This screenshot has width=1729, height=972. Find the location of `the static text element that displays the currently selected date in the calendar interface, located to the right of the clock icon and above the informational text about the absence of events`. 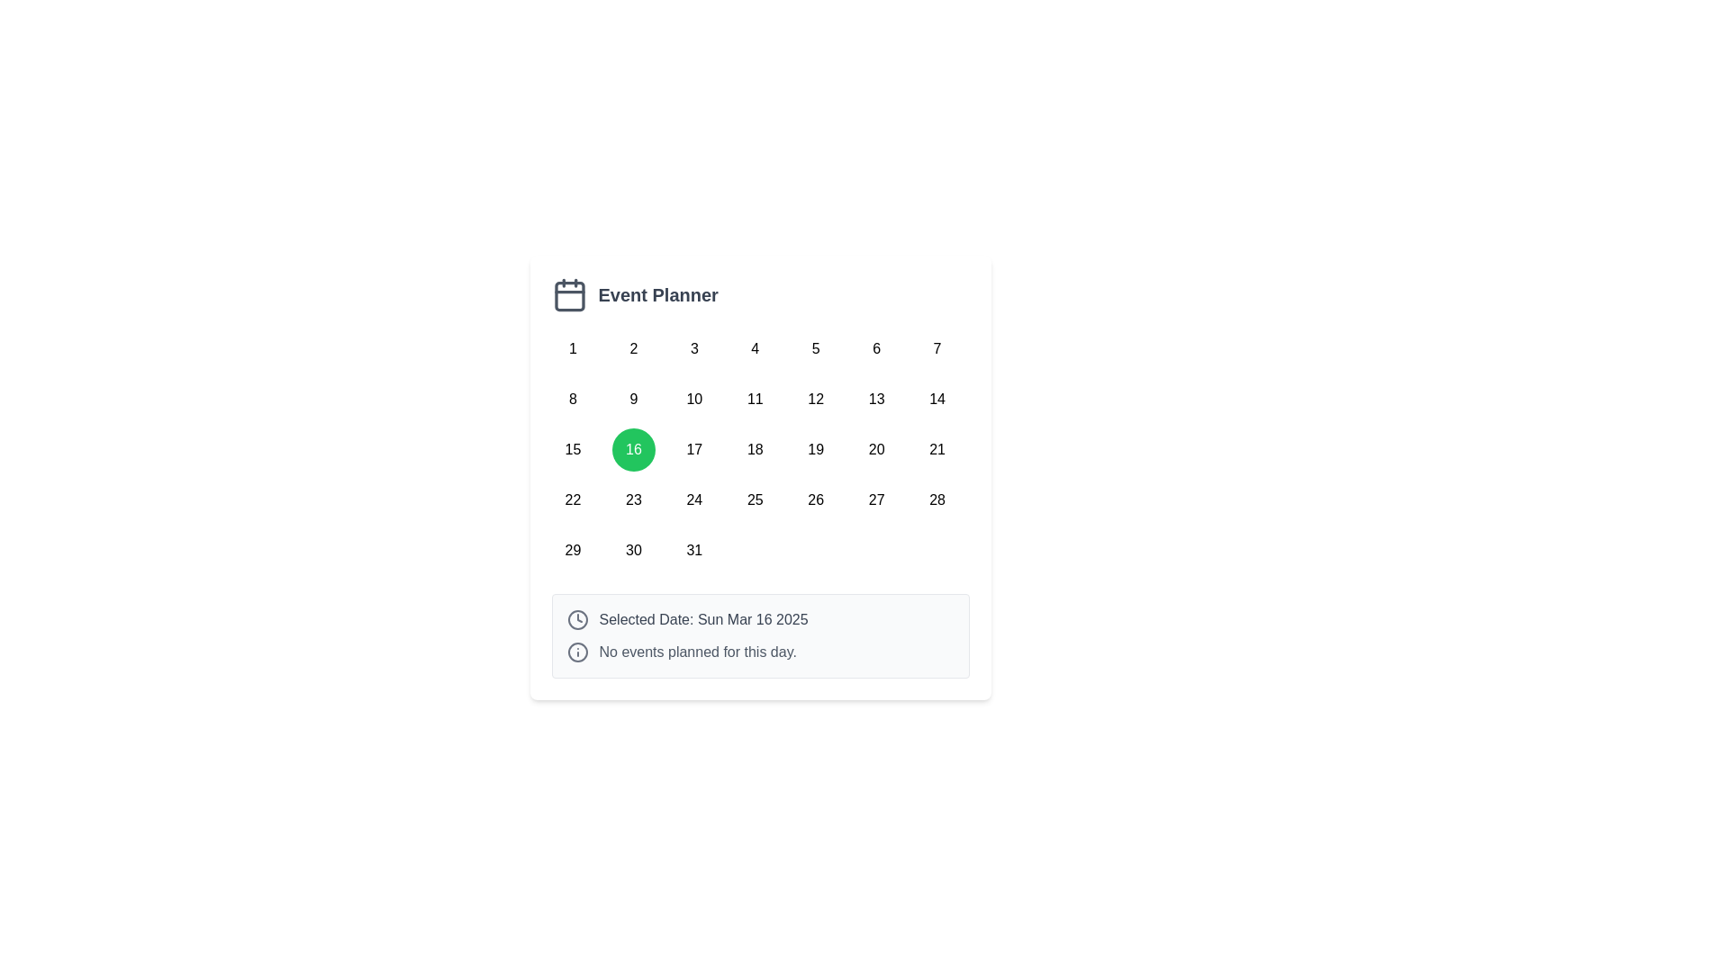

the static text element that displays the currently selected date in the calendar interface, located to the right of the clock icon and above the informational text about the absence of events is located at coordinates (702, 619).